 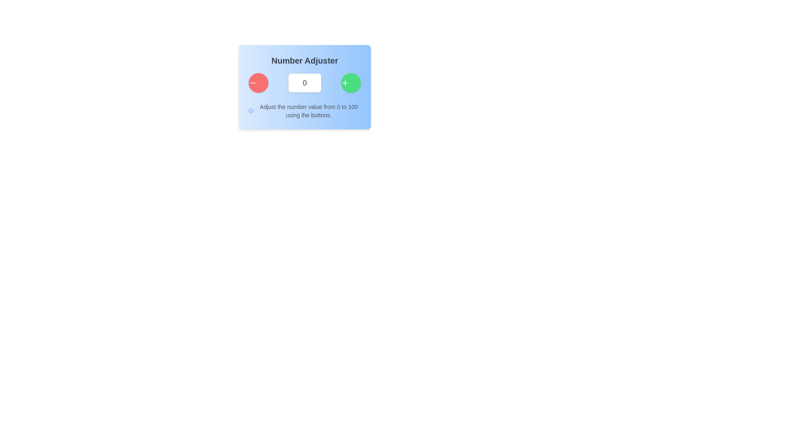 What do you see at coordinates (351, 83) in the screenshot?
I see `the increment button located on the right side of the Number Adjuster panel to increase the numeric value displayed in the adjacent input field by 1` at bounding box center [351, 83].